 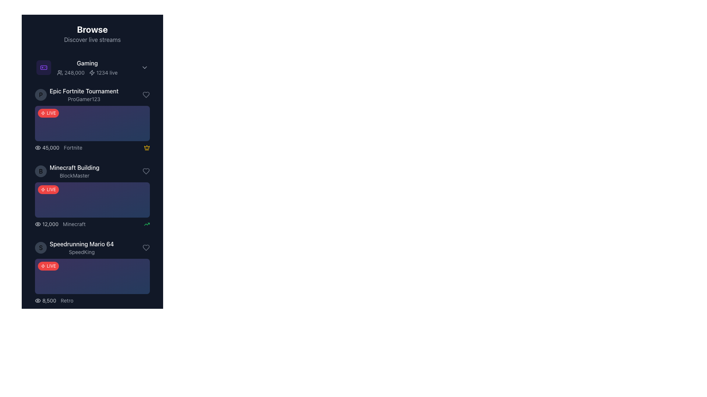 I want to click on text label displaying 'Fortnite' in gray, which is styled with a modern sans-serif font and located next to the numeric view count '45,000' in the live streams list, so click(x=73, y=147).